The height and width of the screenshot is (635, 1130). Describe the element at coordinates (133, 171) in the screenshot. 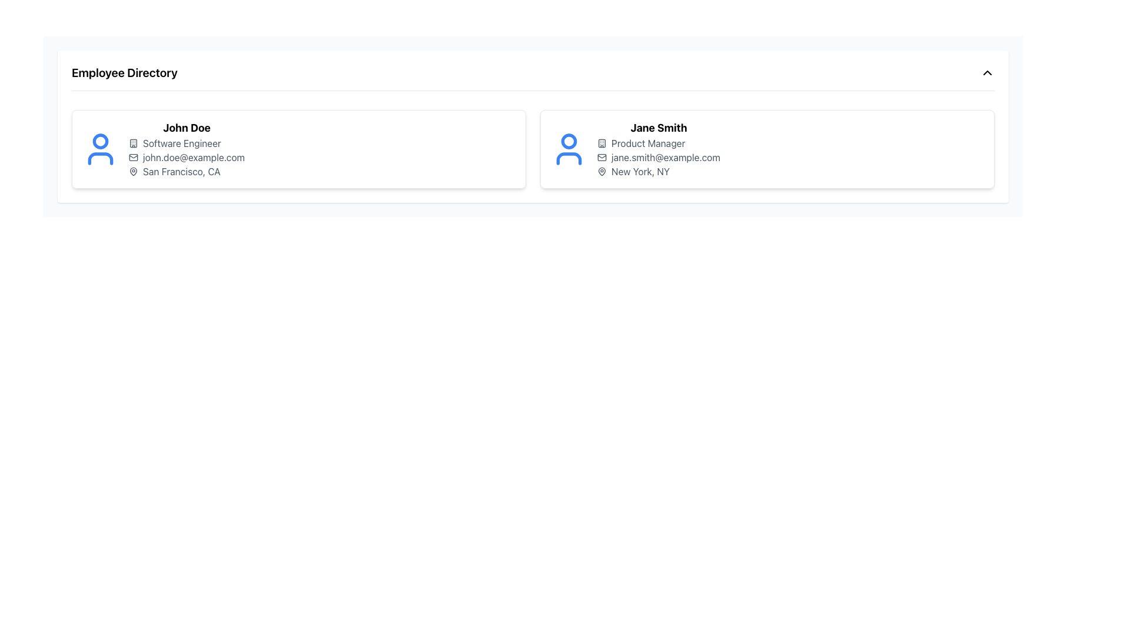

I see `the geographic location icon associated with John Doe's information, which is visually aligned with the text 'San Francisco, CA.'` at that location.